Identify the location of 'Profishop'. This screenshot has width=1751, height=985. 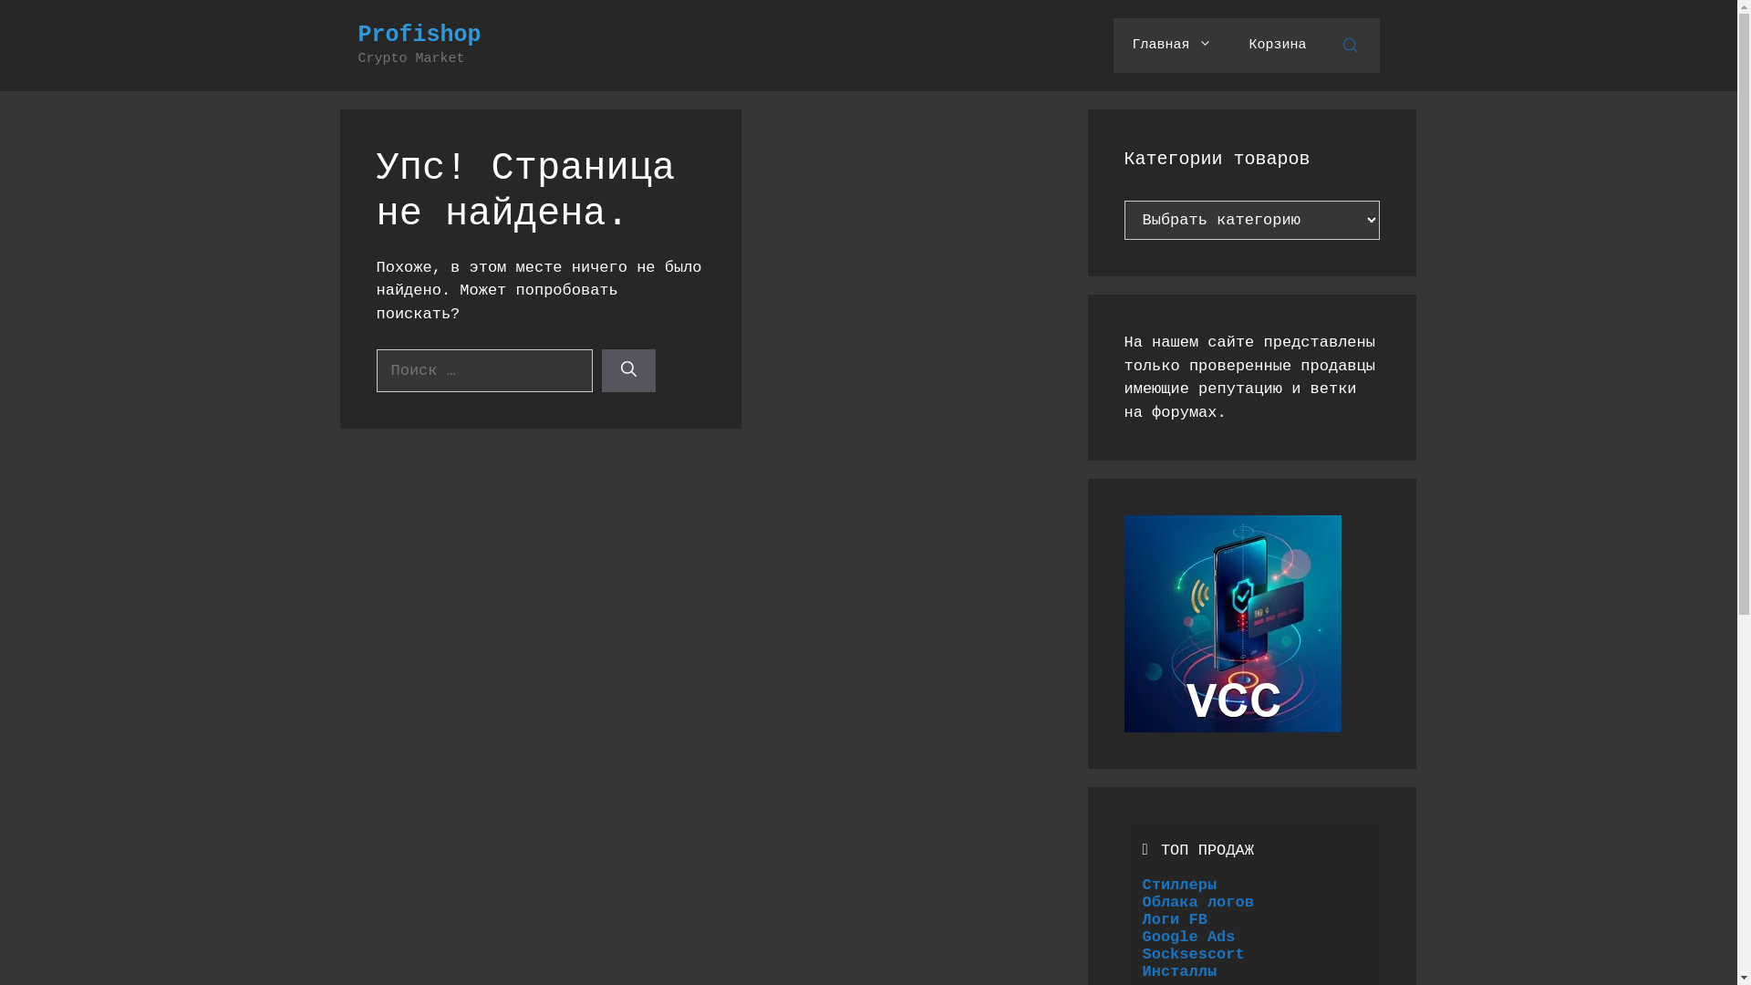
(418, 35).